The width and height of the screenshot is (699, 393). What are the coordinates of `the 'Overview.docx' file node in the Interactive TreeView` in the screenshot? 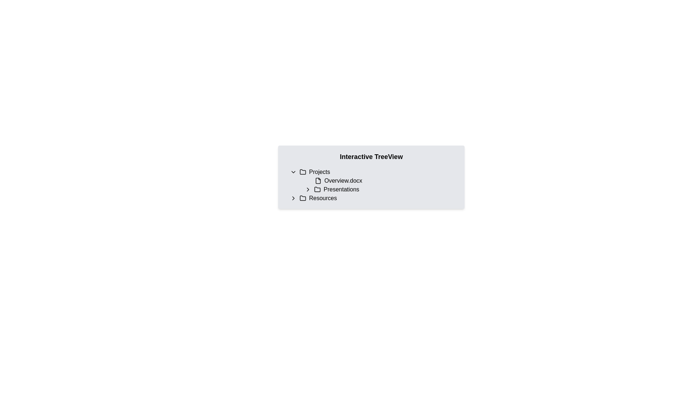 It's located at (371, 180).